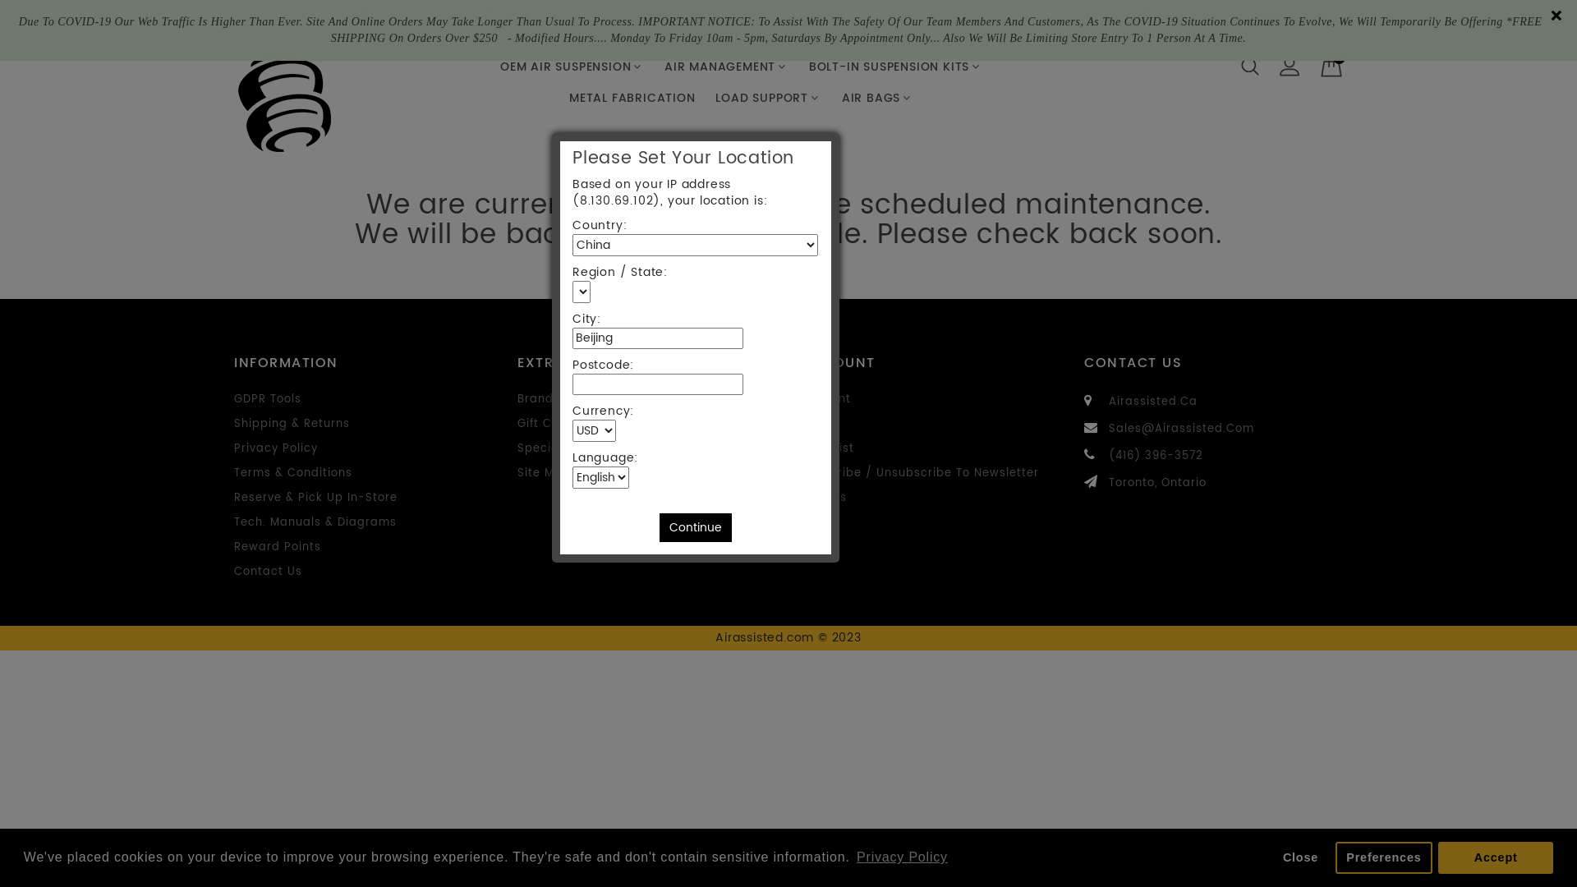  I want to click on 'Continue', so click(695, 527).